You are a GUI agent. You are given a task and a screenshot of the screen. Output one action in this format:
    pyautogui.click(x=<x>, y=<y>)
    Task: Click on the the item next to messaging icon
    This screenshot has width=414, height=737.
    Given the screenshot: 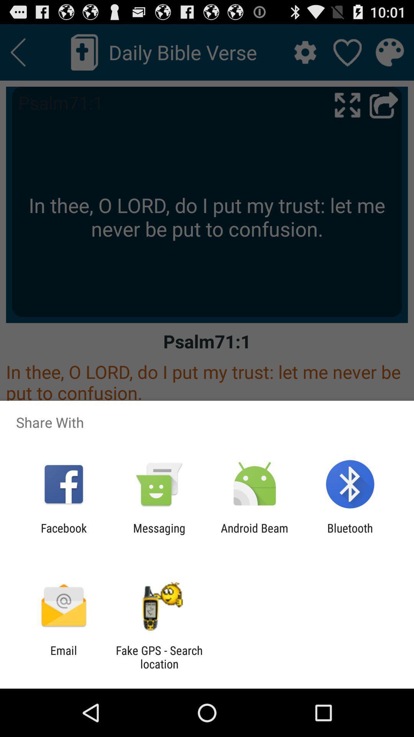 What is the action you would take?
    pyautogui.click(x=255, y=534)
    